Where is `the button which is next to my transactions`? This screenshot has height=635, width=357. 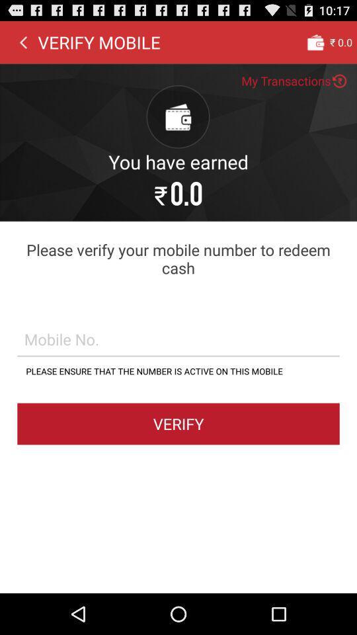
the button which is next to my transactions is located at coordinates (340, 80).